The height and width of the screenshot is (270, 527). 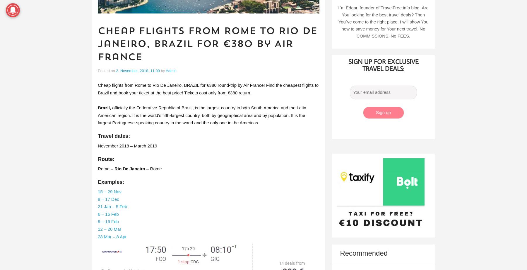 I want to click on '21 Jan – 5 Feb', so click(x=112, y=206).